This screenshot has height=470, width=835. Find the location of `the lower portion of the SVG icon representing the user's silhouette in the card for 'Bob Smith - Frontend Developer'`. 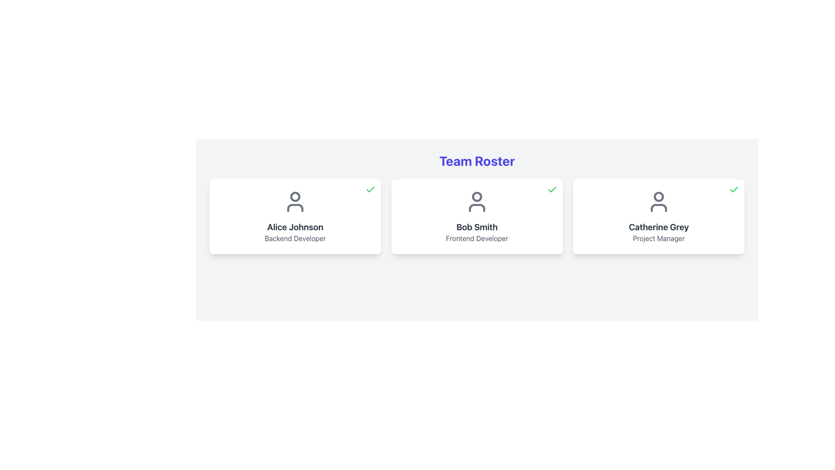

the lower portion of the SVG icon representing the user's silhouette in the card for 'Bob Smith - Frontend Developer' is located at coordinates (477, 208).